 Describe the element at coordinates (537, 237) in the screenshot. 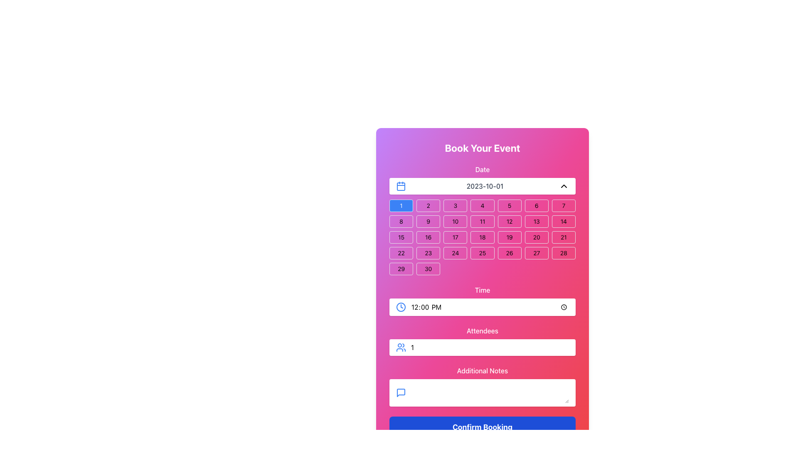

I see `the rectangular button with rounded corners that has the text '20' in black and a pink background, located in the third row and sixth column of the date selection grid` at that location.